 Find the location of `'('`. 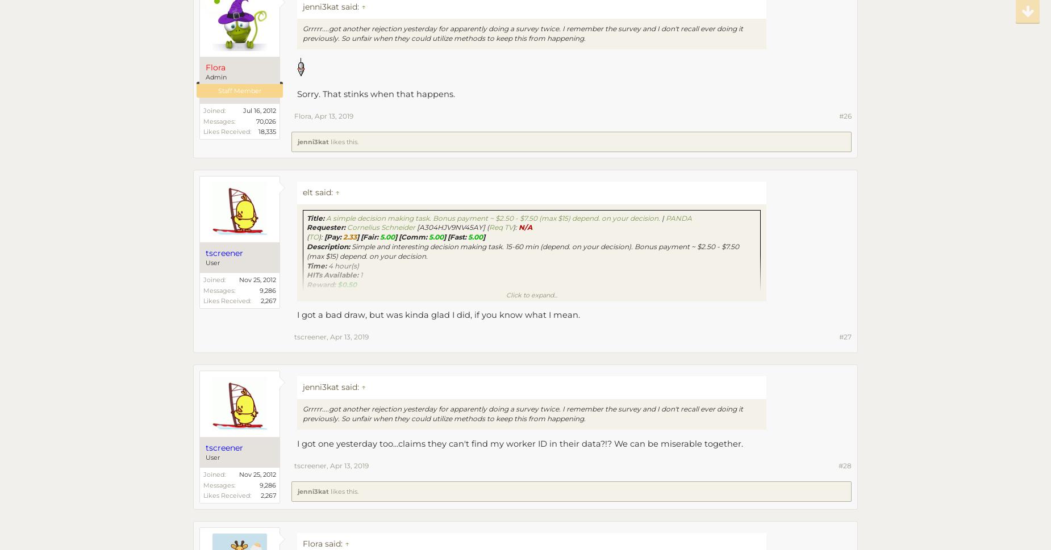

'(' is located at coordinates (308, 236).